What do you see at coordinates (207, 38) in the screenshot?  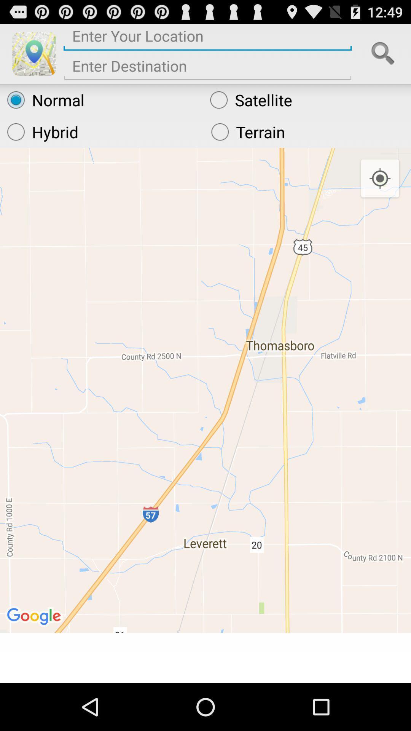 I see `location` at bounding box center [207, 38].